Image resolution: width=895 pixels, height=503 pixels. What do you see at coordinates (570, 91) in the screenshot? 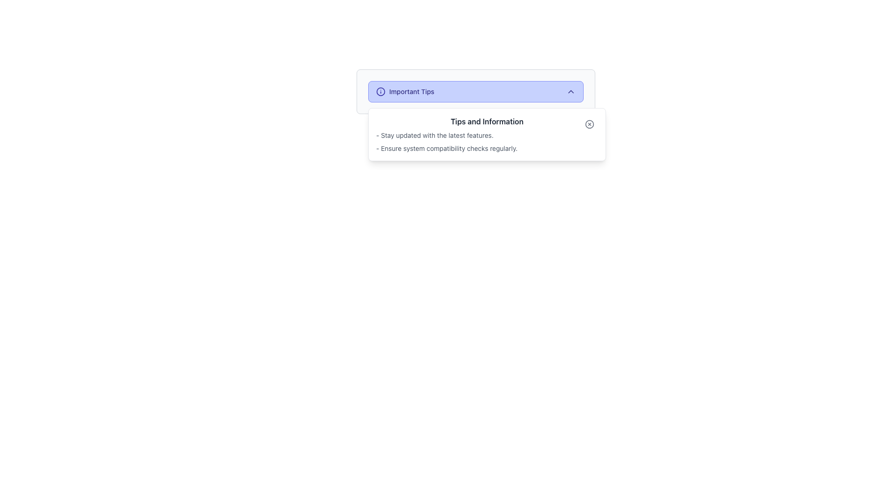
I see `the chevron icon at the far right of the 'Important Tips' collapsible header` at bounding box center [570, 91].